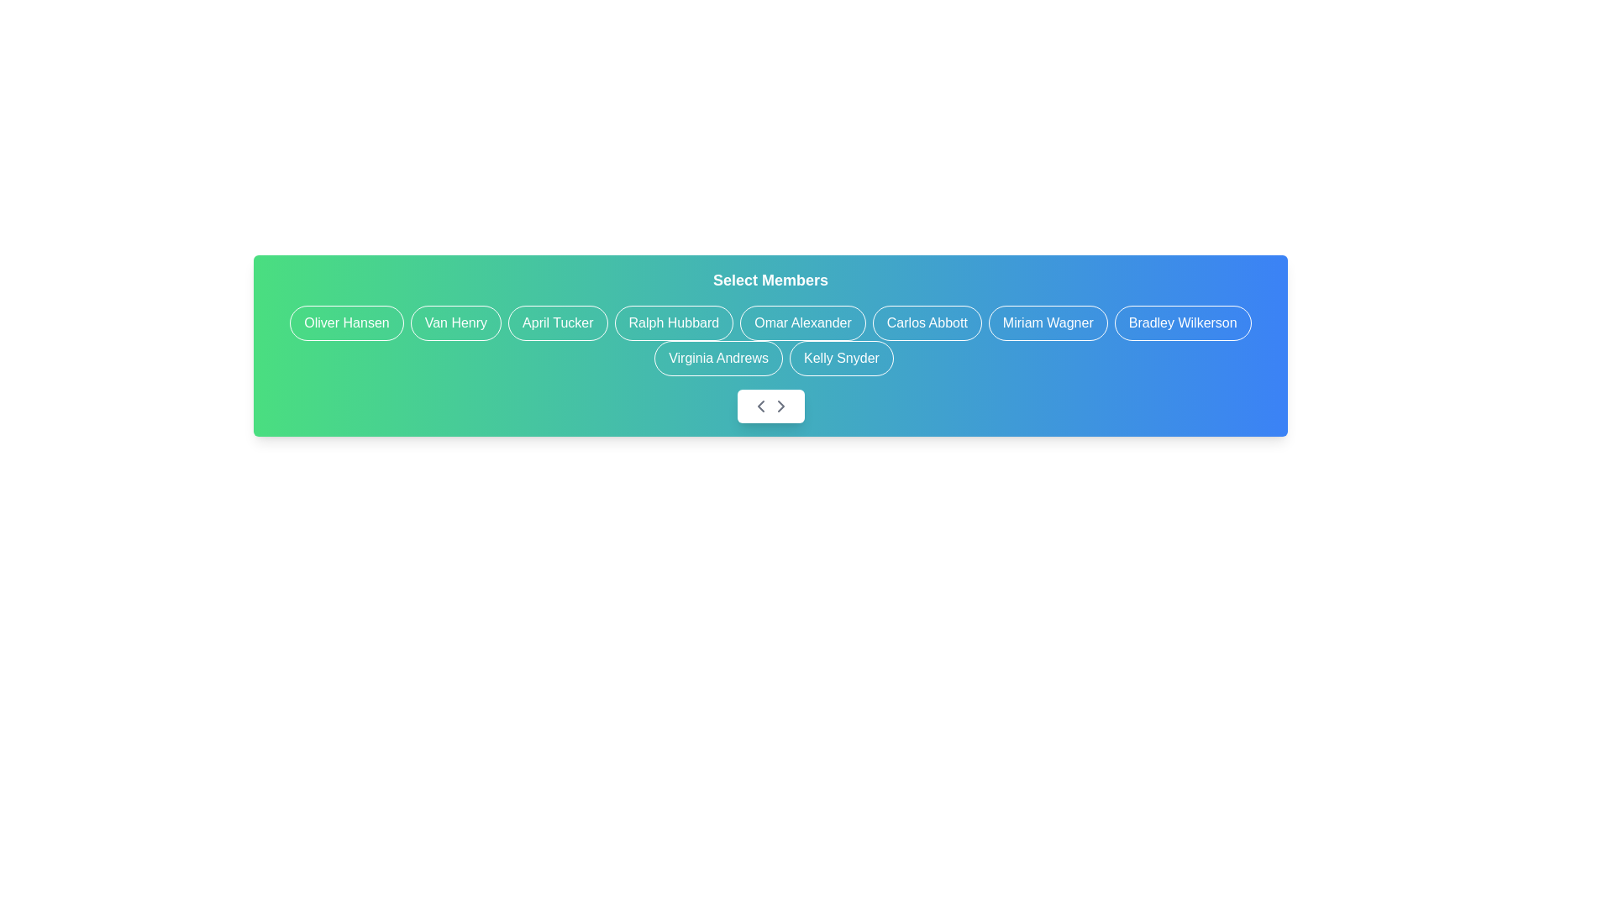 This screenshot has height=907, width=1613. I want to click on the pill-shaped button labeled 'Van Henry', so click(455, 323).